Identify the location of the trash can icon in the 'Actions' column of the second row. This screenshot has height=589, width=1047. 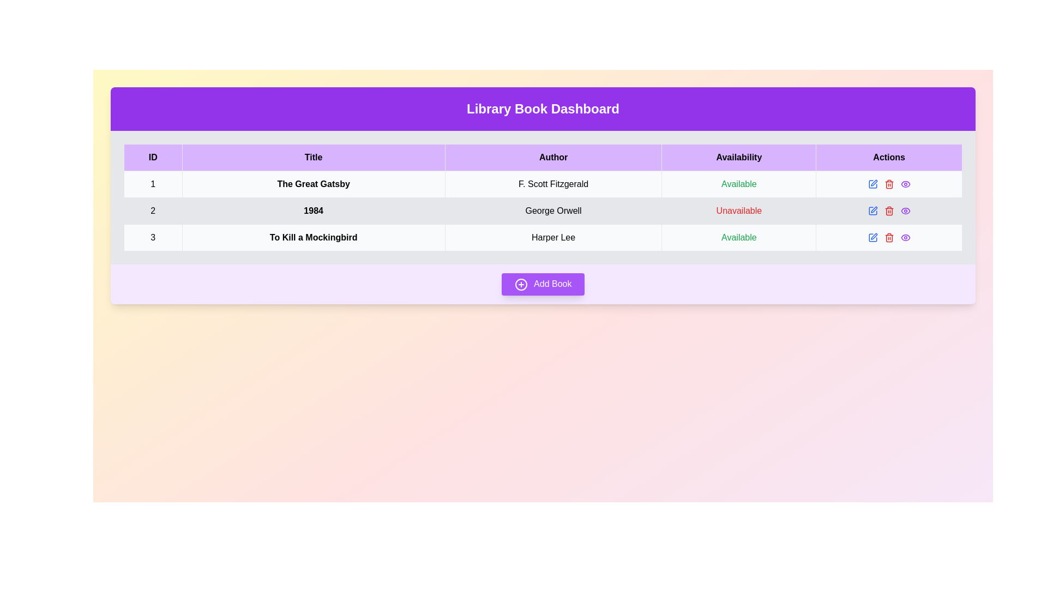
(889, 184).